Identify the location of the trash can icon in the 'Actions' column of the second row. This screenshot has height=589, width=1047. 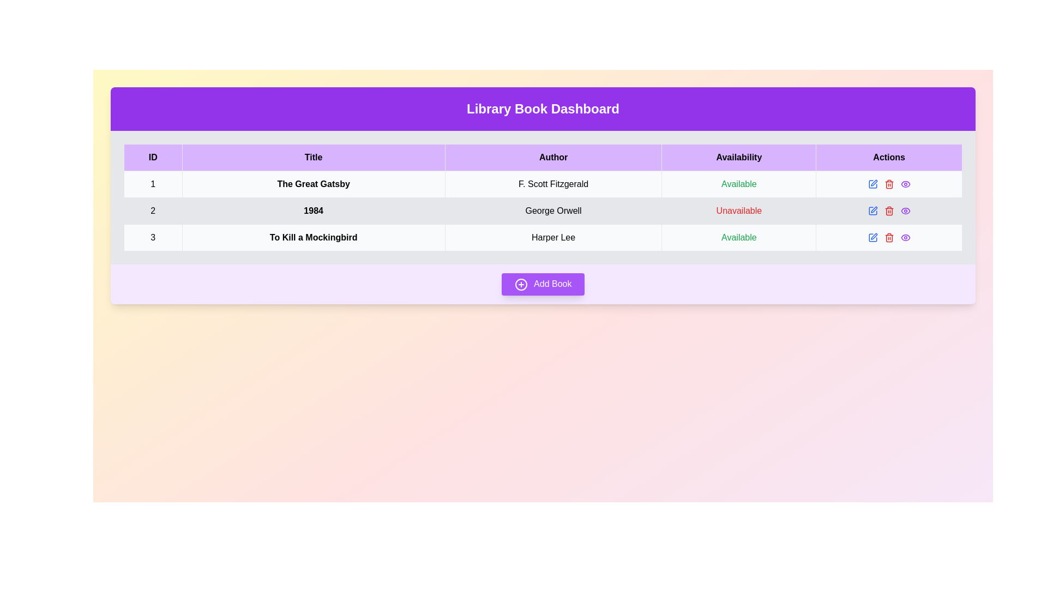
(889, 184).